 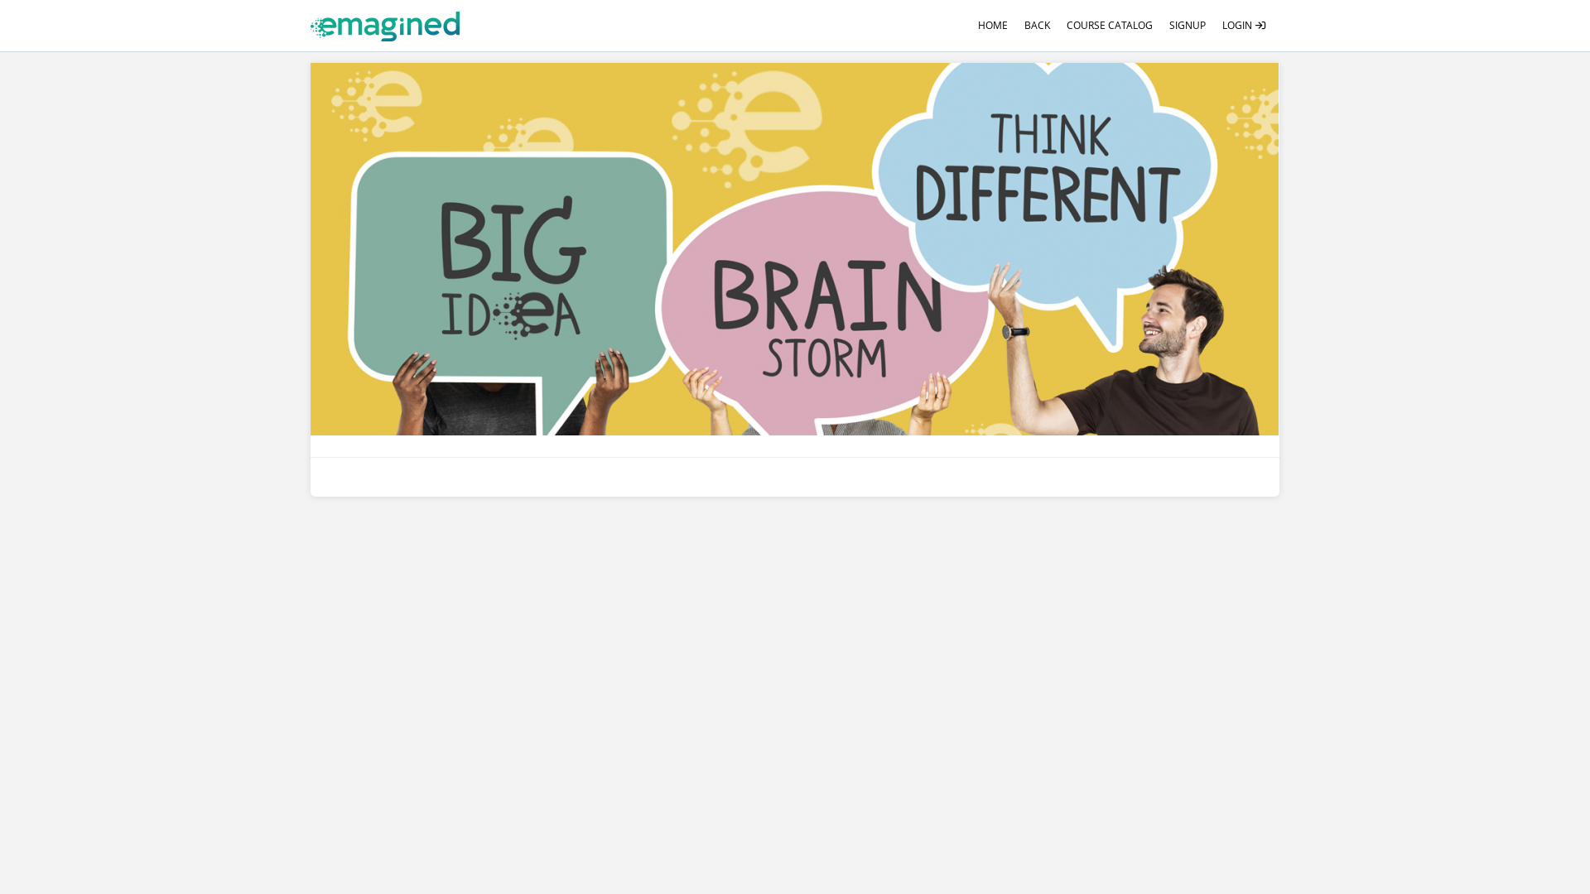 What do you see at coordinates (993, 25) in the screenshot?
I see `'HOME'` at bounding box center [993, 25].